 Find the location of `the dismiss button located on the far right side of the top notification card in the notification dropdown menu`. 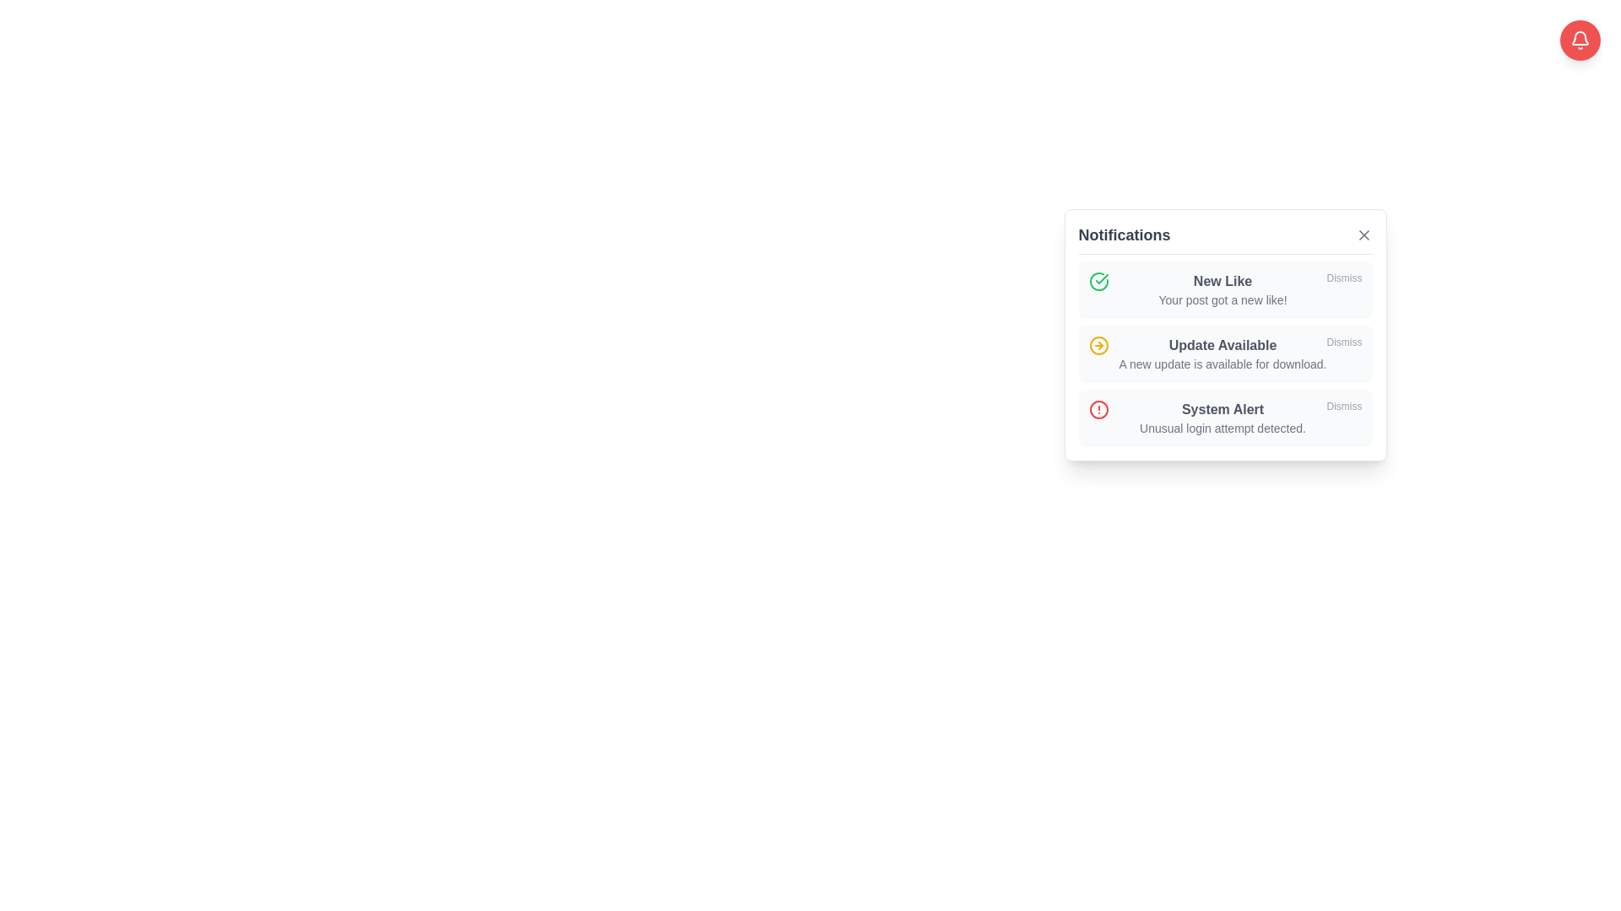

the dismiss button located on the far right side of the top notification card in the notification dropdown menu is located at coordinates (1343, 278).